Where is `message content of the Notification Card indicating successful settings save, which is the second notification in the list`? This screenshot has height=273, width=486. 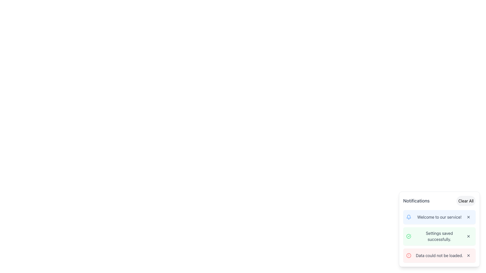 message content of the Notification Card indicating successful settings save, which is the second notification in the list is located at coordinates (439, 236).